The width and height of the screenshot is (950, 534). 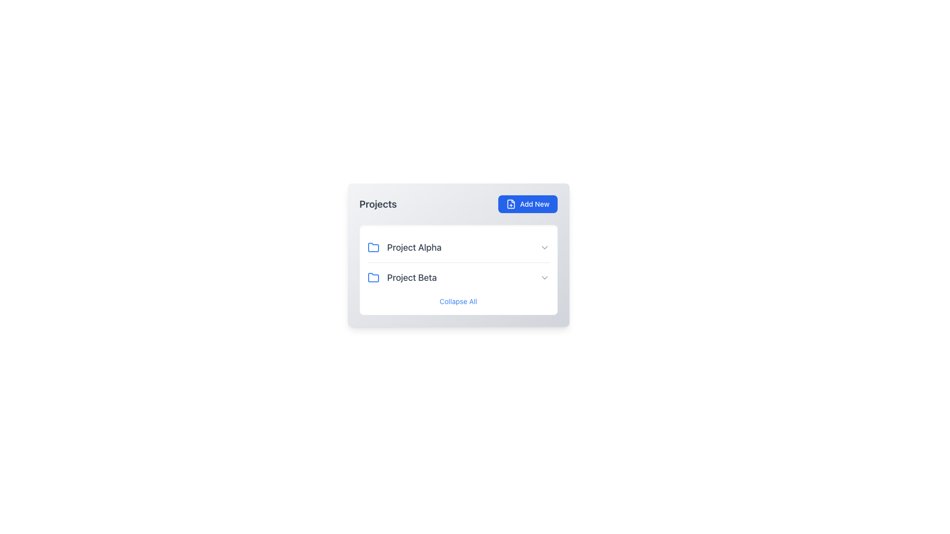 I want to click on the first selectable project entry labeled 'Project Alpha', so click(x=404, y=247).